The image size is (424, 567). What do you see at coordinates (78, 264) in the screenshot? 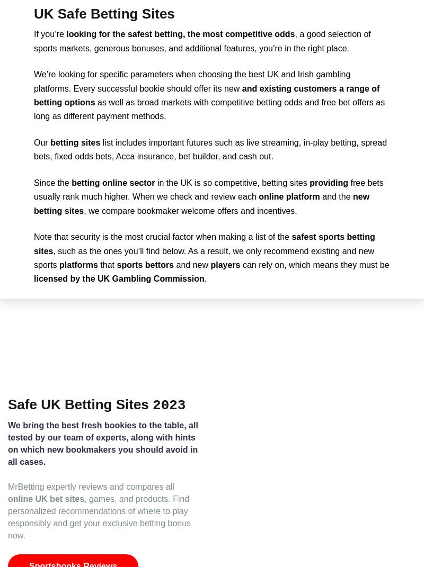
I see `'platforms'` at bounding box center [78, 264].